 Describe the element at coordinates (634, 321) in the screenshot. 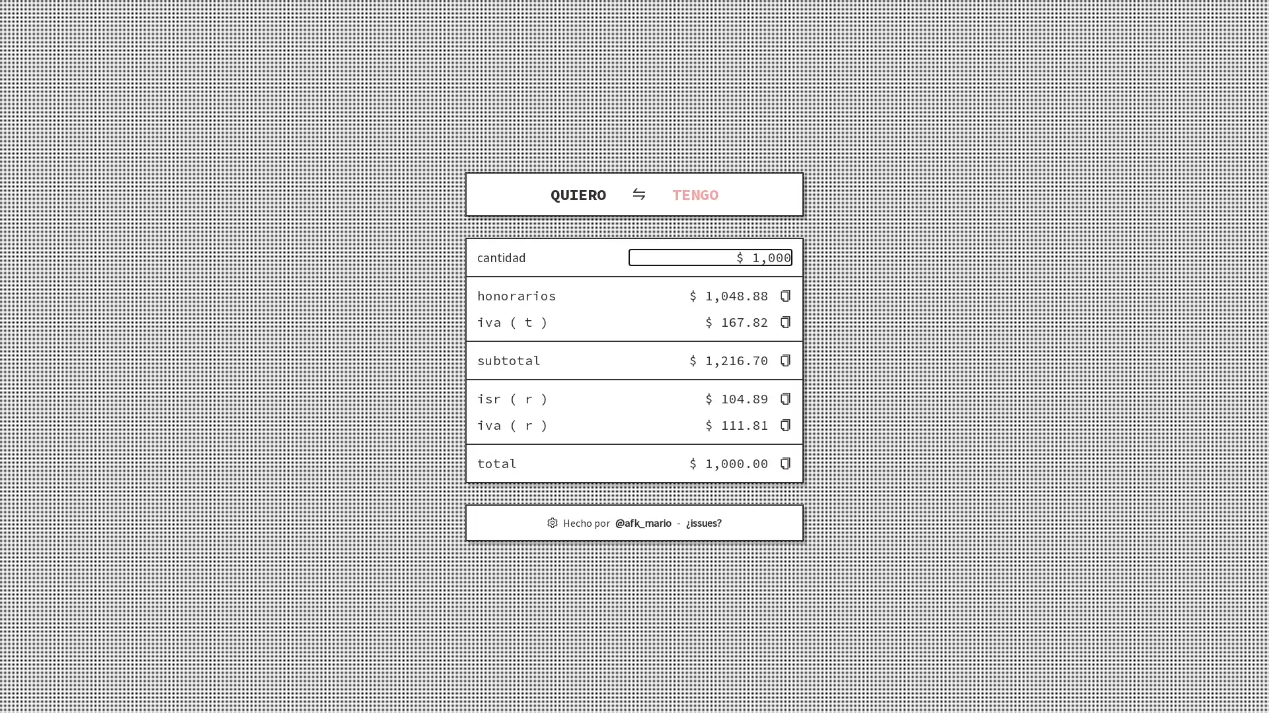

I see `iva ( t ) $ 167.82` at that location.